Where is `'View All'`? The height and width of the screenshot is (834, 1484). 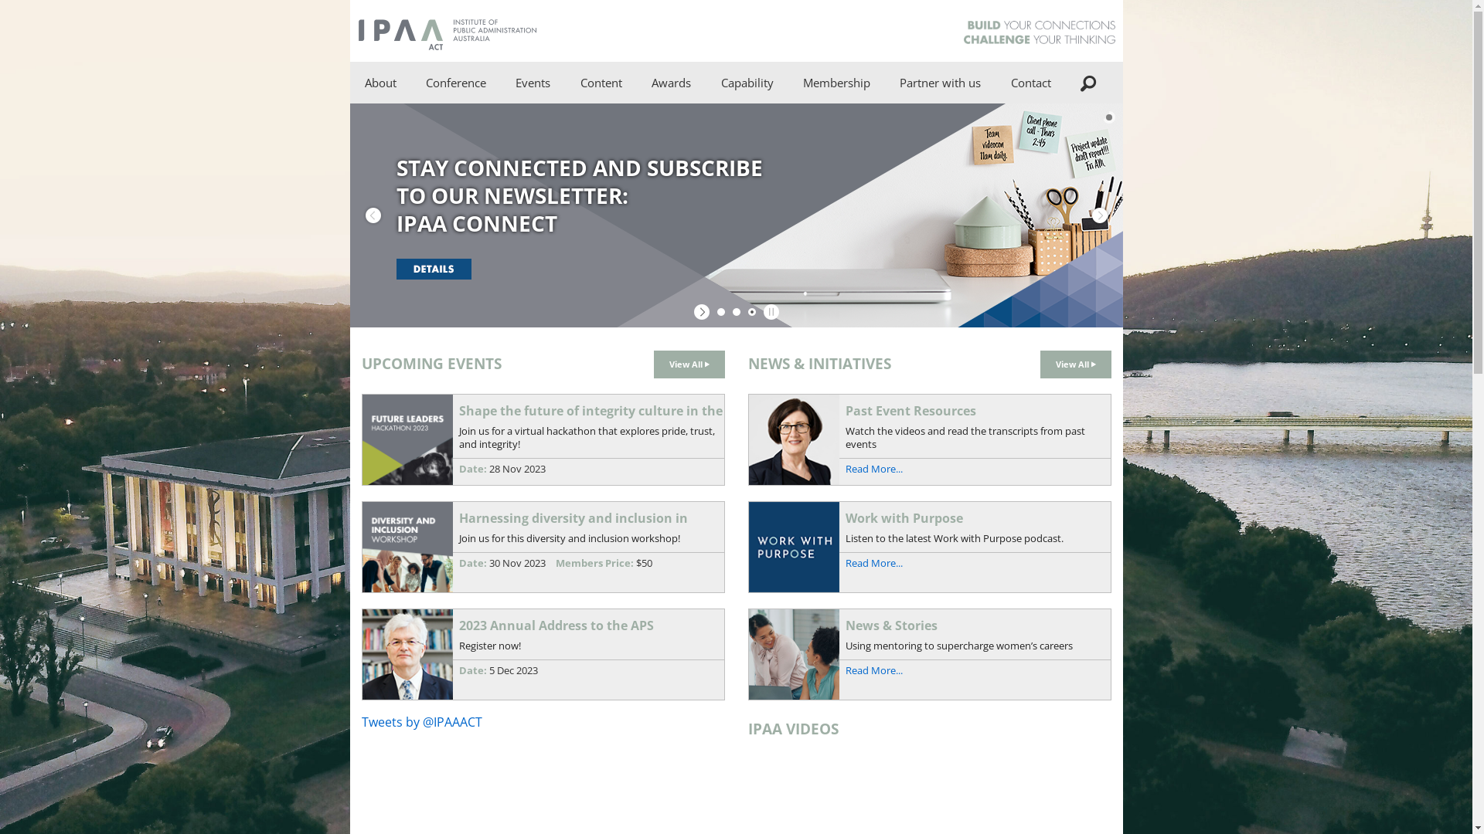 'View All' is located at coordinates (1040, 364).